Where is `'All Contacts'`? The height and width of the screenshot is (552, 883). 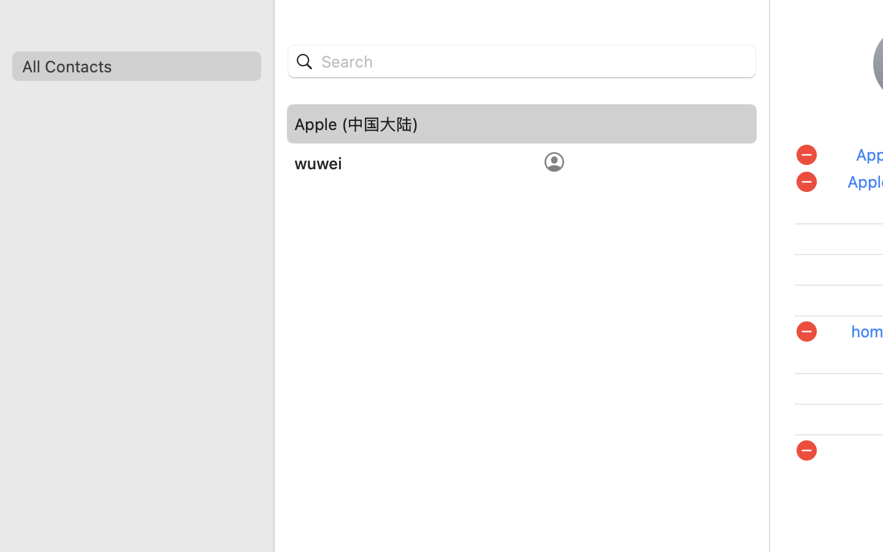 'All Contacts' is located at coordinates (137, 66).